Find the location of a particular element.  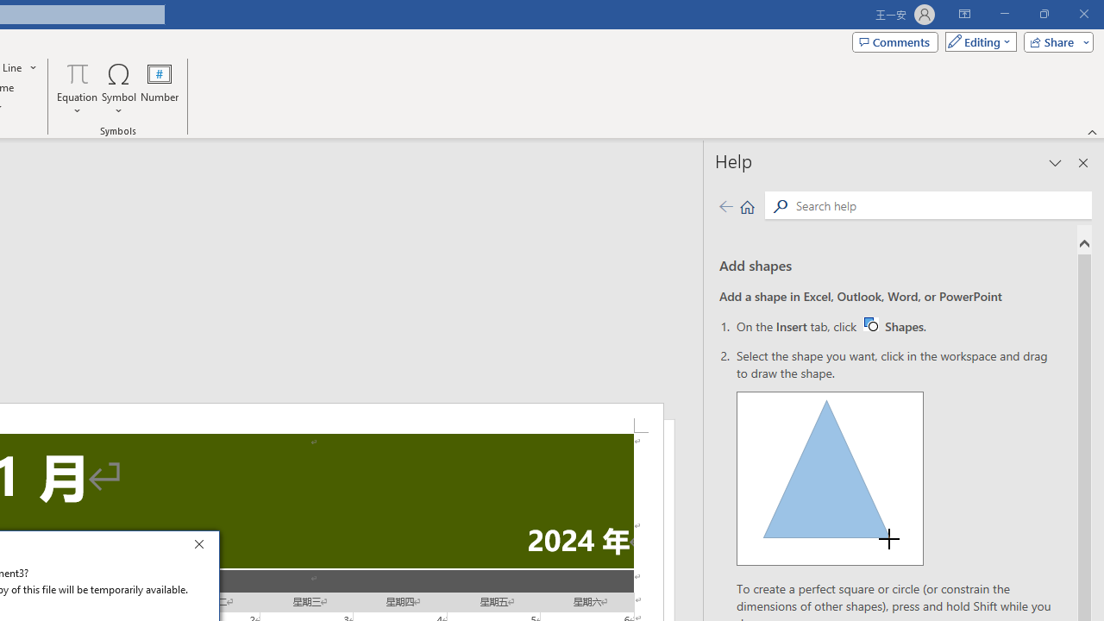

'Comments' is located at coordinates (895, 41).